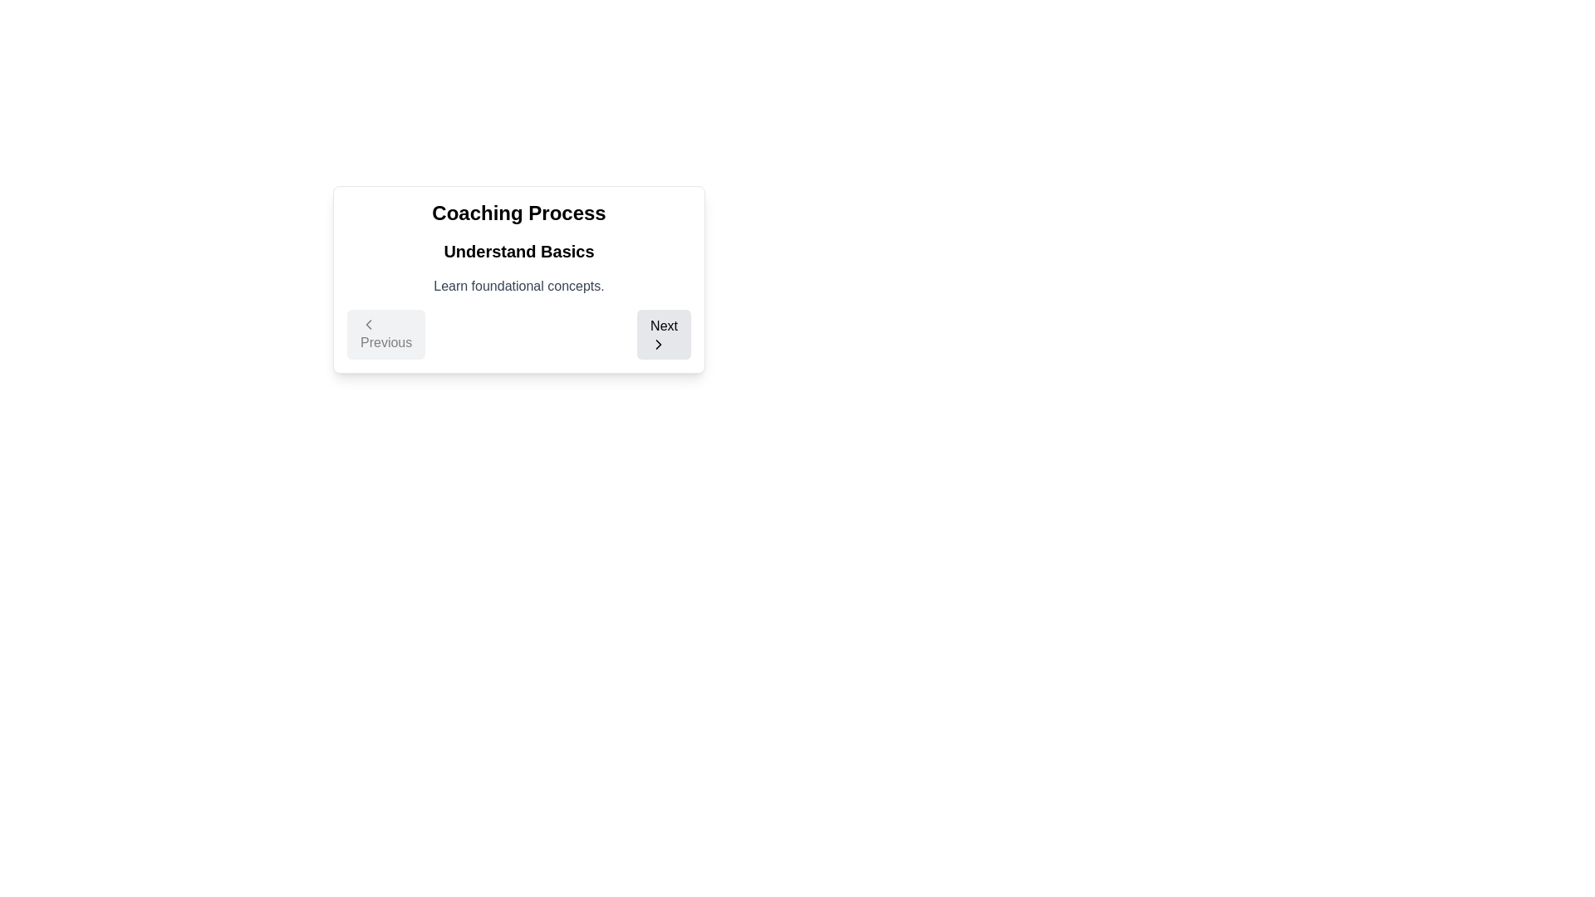 The width and height of the screenshot is (1595, 897). Describe the element at coordinates (385, 334) in the screenshot. I see `the 'Previous' button, which is gray with rounded corners and has a left-pointing chevron icon` at that location.